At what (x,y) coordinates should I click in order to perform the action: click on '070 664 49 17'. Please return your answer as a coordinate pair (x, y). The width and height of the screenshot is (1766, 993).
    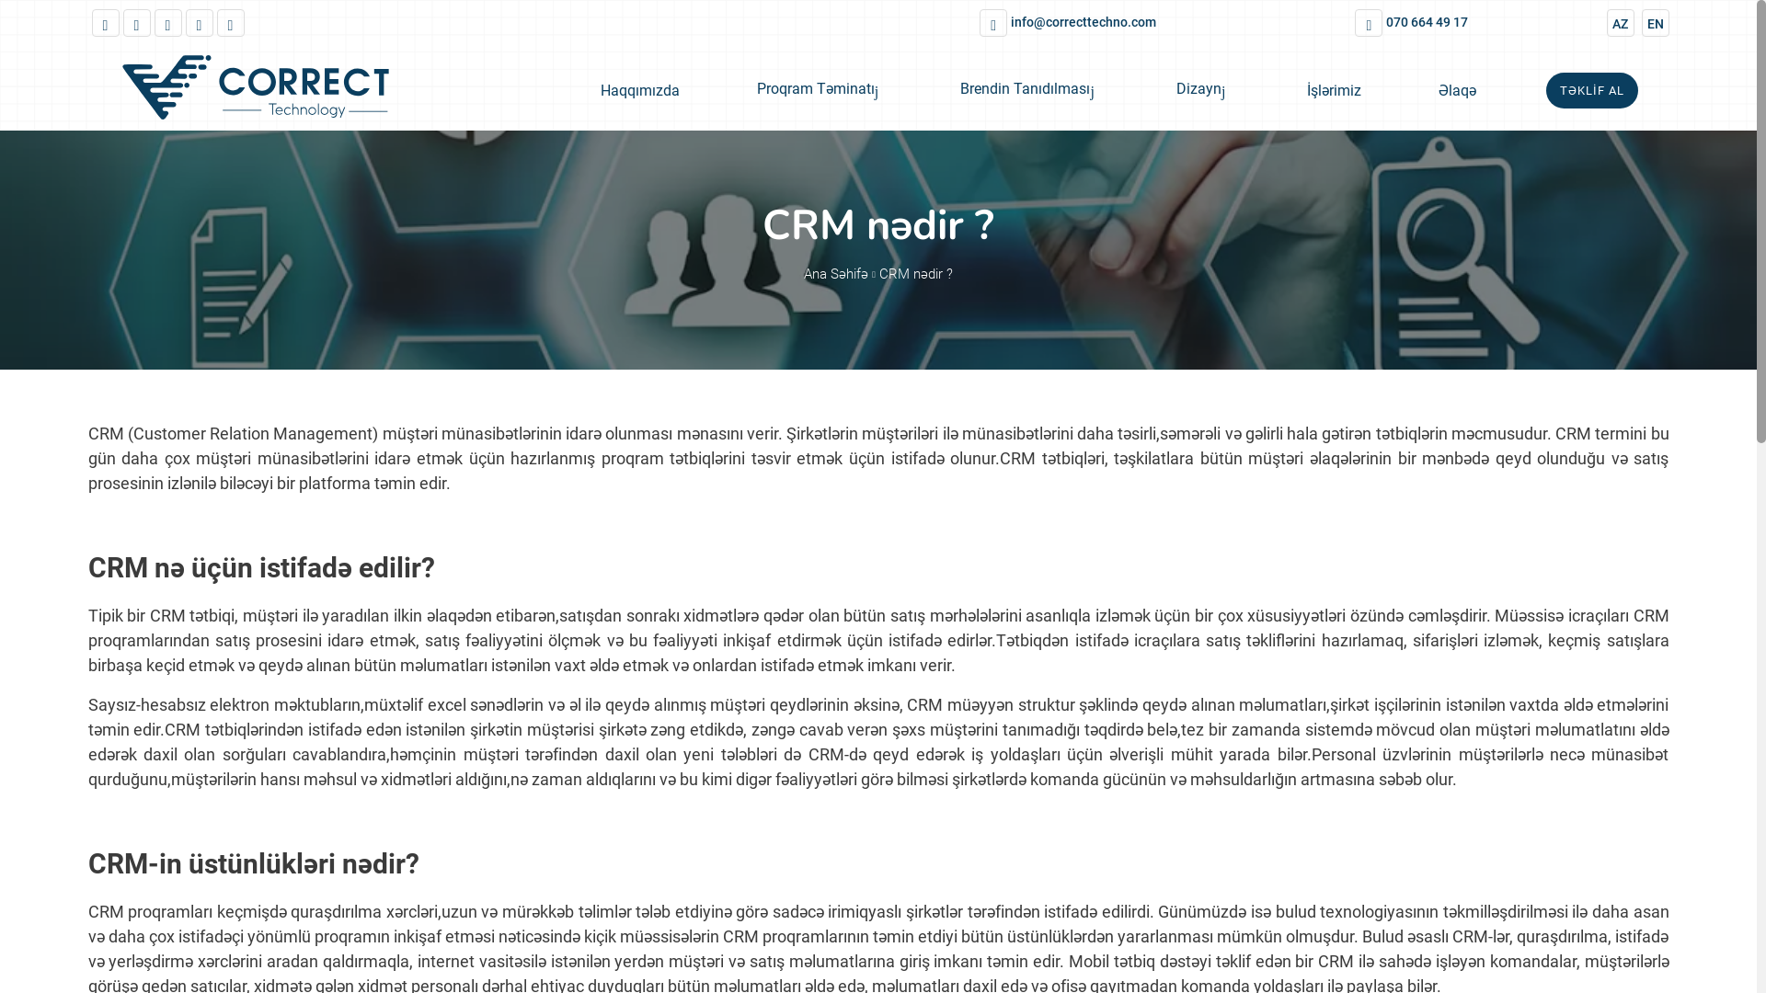
    Looking at the image, I should click on (1408, 22).